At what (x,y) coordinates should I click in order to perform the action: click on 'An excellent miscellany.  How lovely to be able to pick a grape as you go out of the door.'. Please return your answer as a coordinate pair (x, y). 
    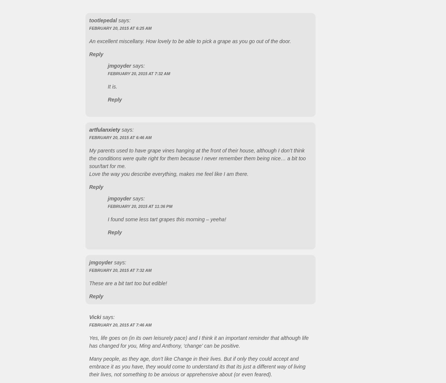
    Looking at the image, I should click on (190, 41).